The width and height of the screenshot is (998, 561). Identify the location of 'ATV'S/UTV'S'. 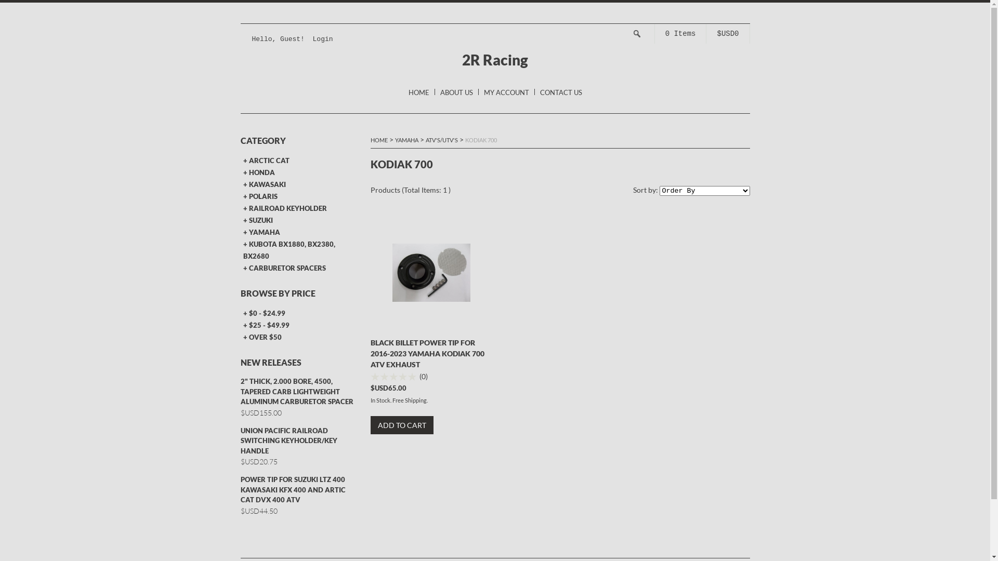
(441, 139).